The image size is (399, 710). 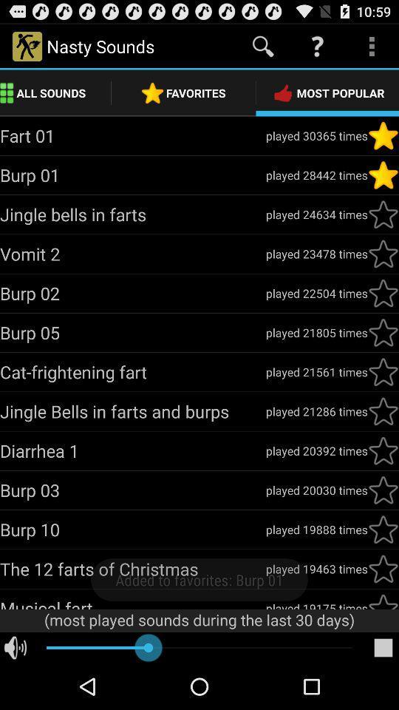 What do you see at coordinates (383, 490) in the screenshot?
I see `noise` at bounding box center [383, 490].